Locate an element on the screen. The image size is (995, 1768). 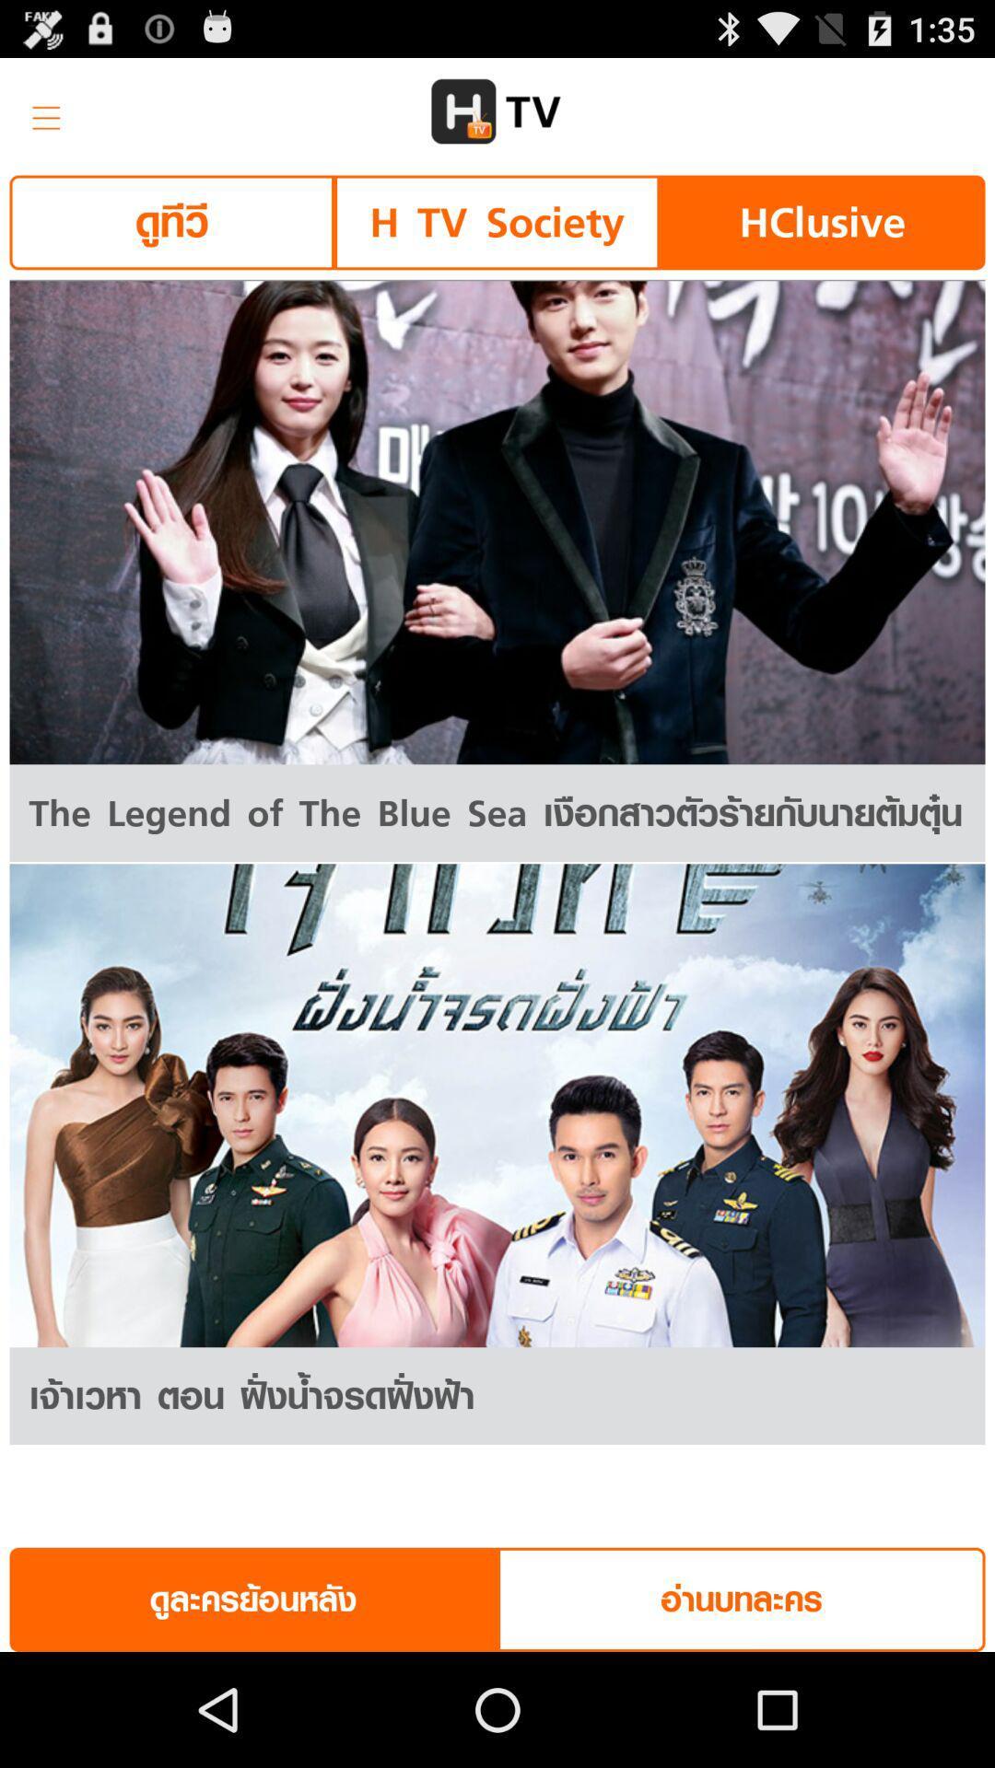
icon next to h tv society item is located at coordinates (171, 221).